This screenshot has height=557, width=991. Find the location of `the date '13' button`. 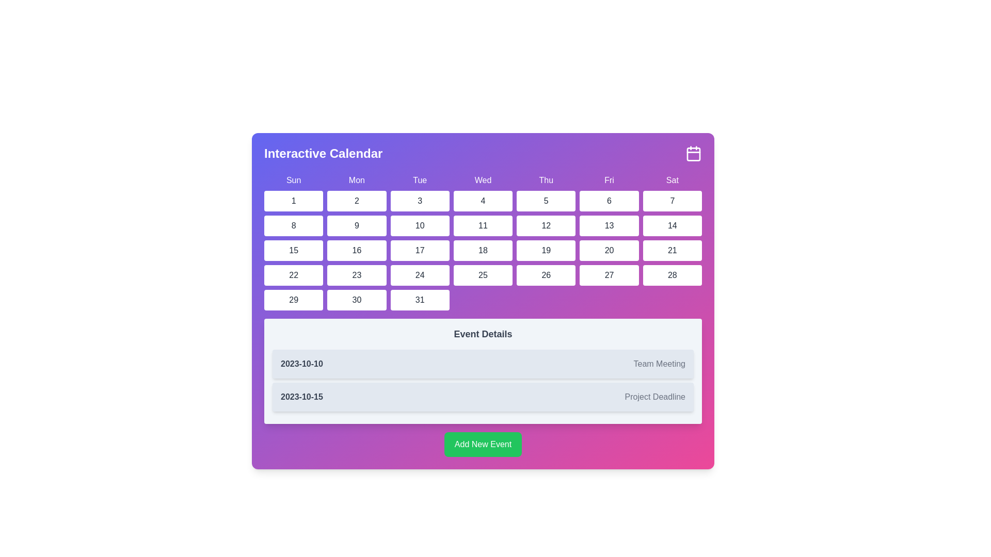

the date '13' button is located at coordinates (609, 225).